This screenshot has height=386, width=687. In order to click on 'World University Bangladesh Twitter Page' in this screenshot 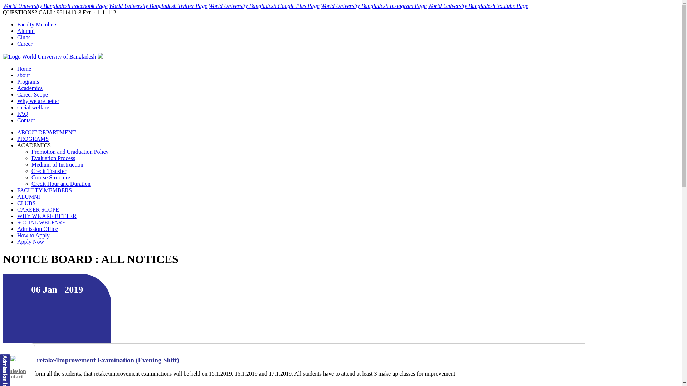, I will do `click(158, 6)`.